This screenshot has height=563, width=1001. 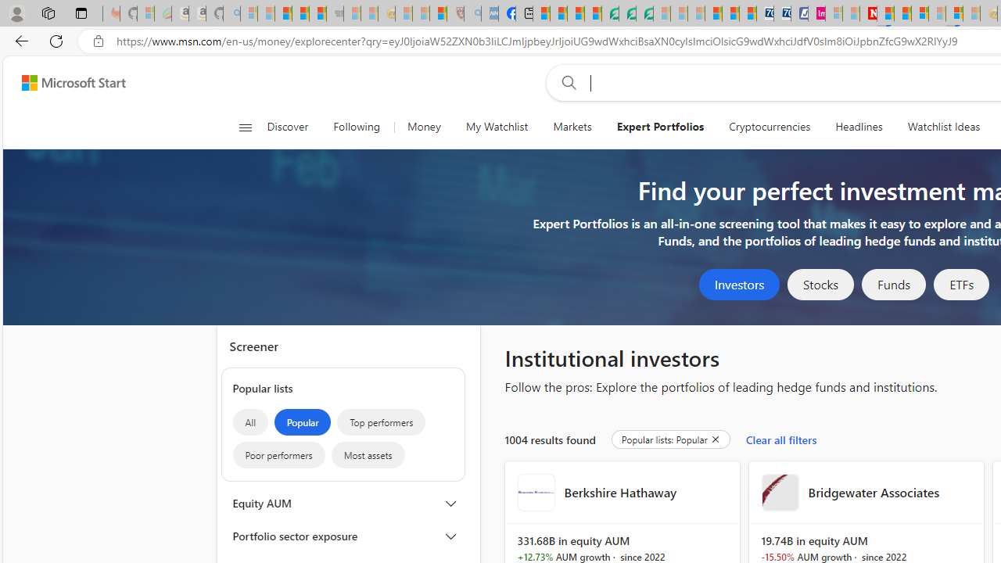 I want to click on 'My Watchlist', so click(x=496, y=127).